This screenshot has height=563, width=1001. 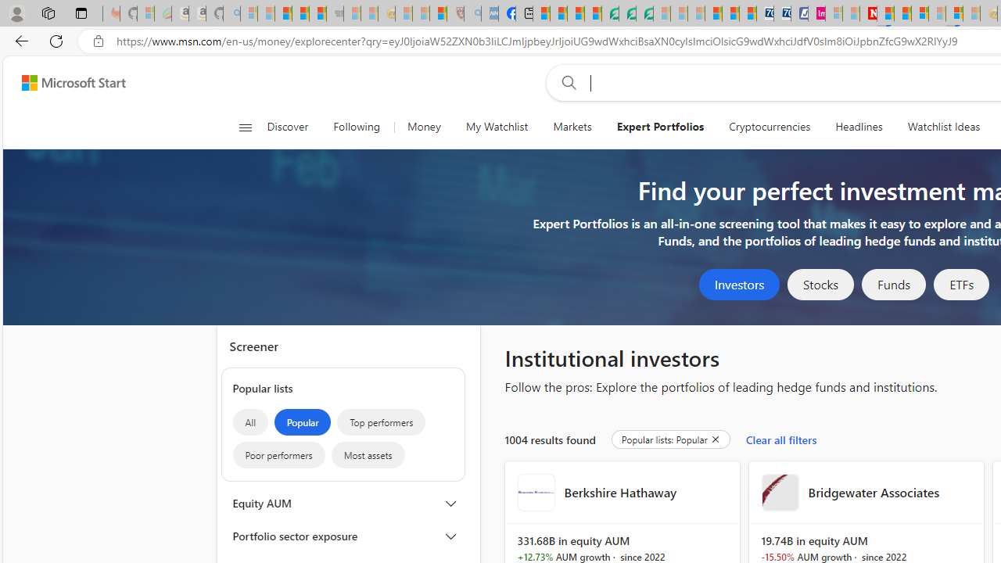 I want to click on 'My Watchlist', so click(x=496, y=127).